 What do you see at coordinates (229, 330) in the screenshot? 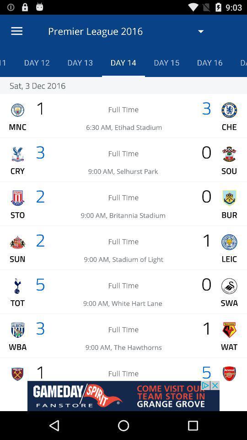
I see `the icon which is above wat` at bounding box center [229, 330].